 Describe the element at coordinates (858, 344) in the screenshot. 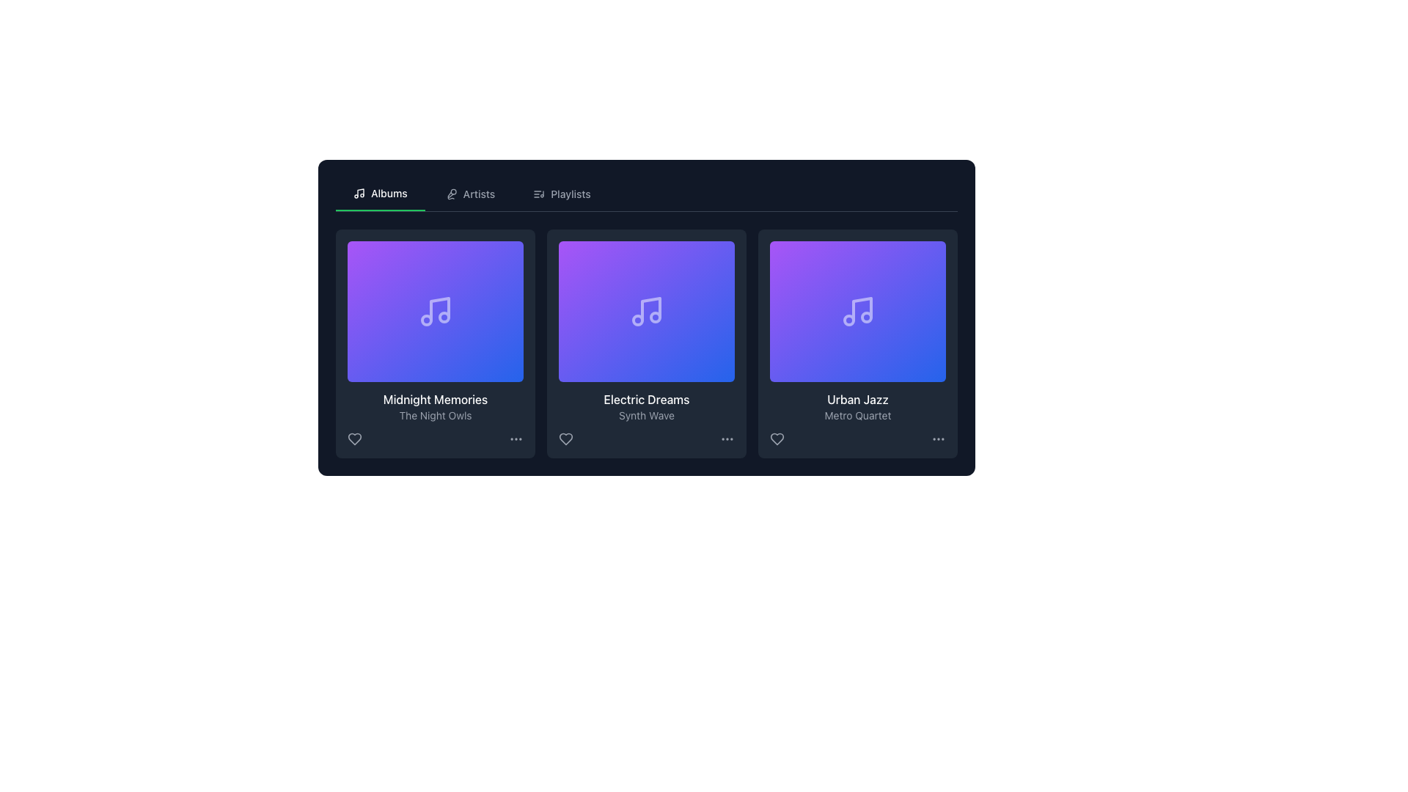

I see `the card component representing the 'Urban Jazz' album in the grid layout to trigger hover effects` at that location.